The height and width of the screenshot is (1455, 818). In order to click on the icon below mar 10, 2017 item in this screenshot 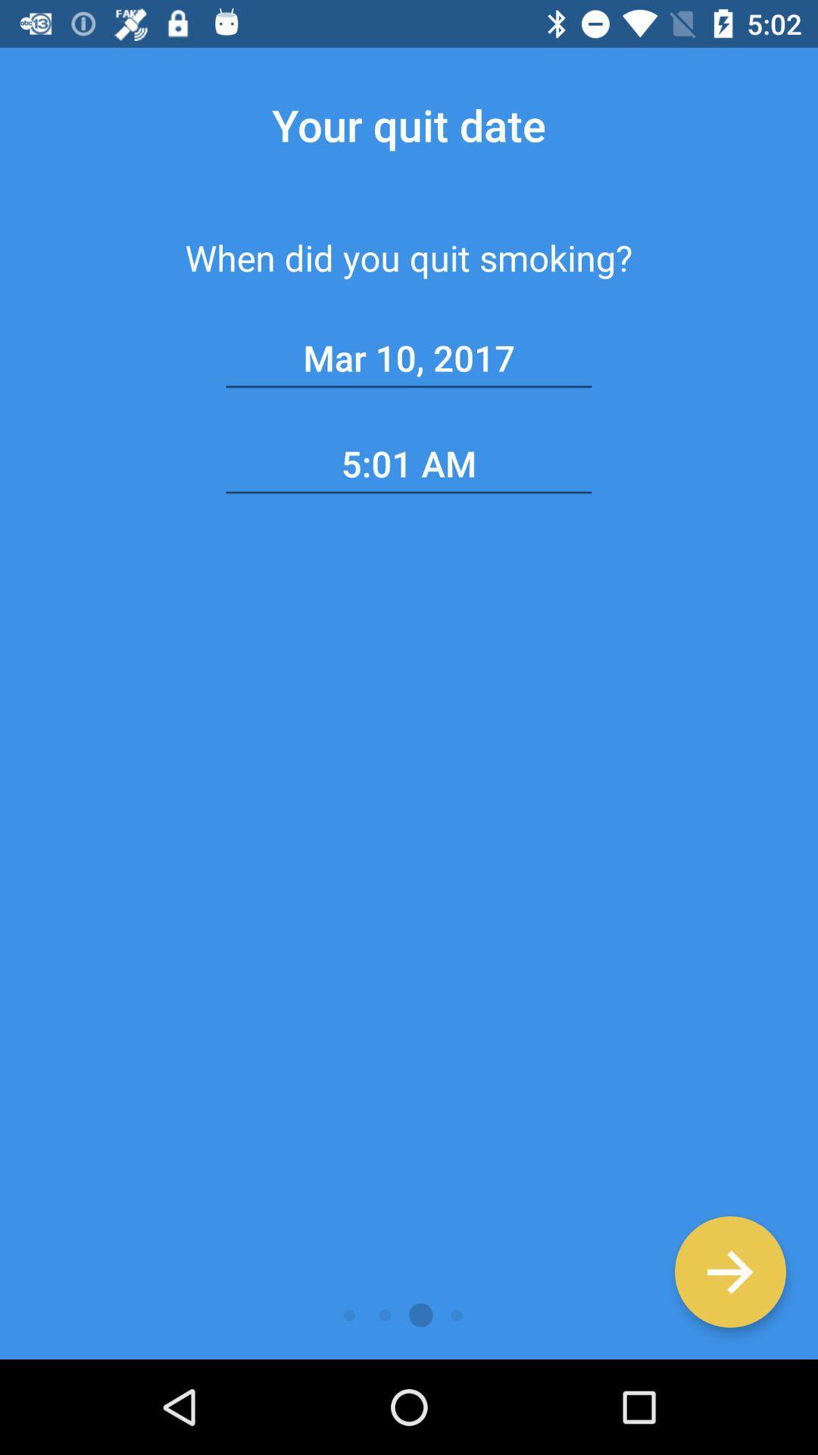, I will do `click(409, 463)`.